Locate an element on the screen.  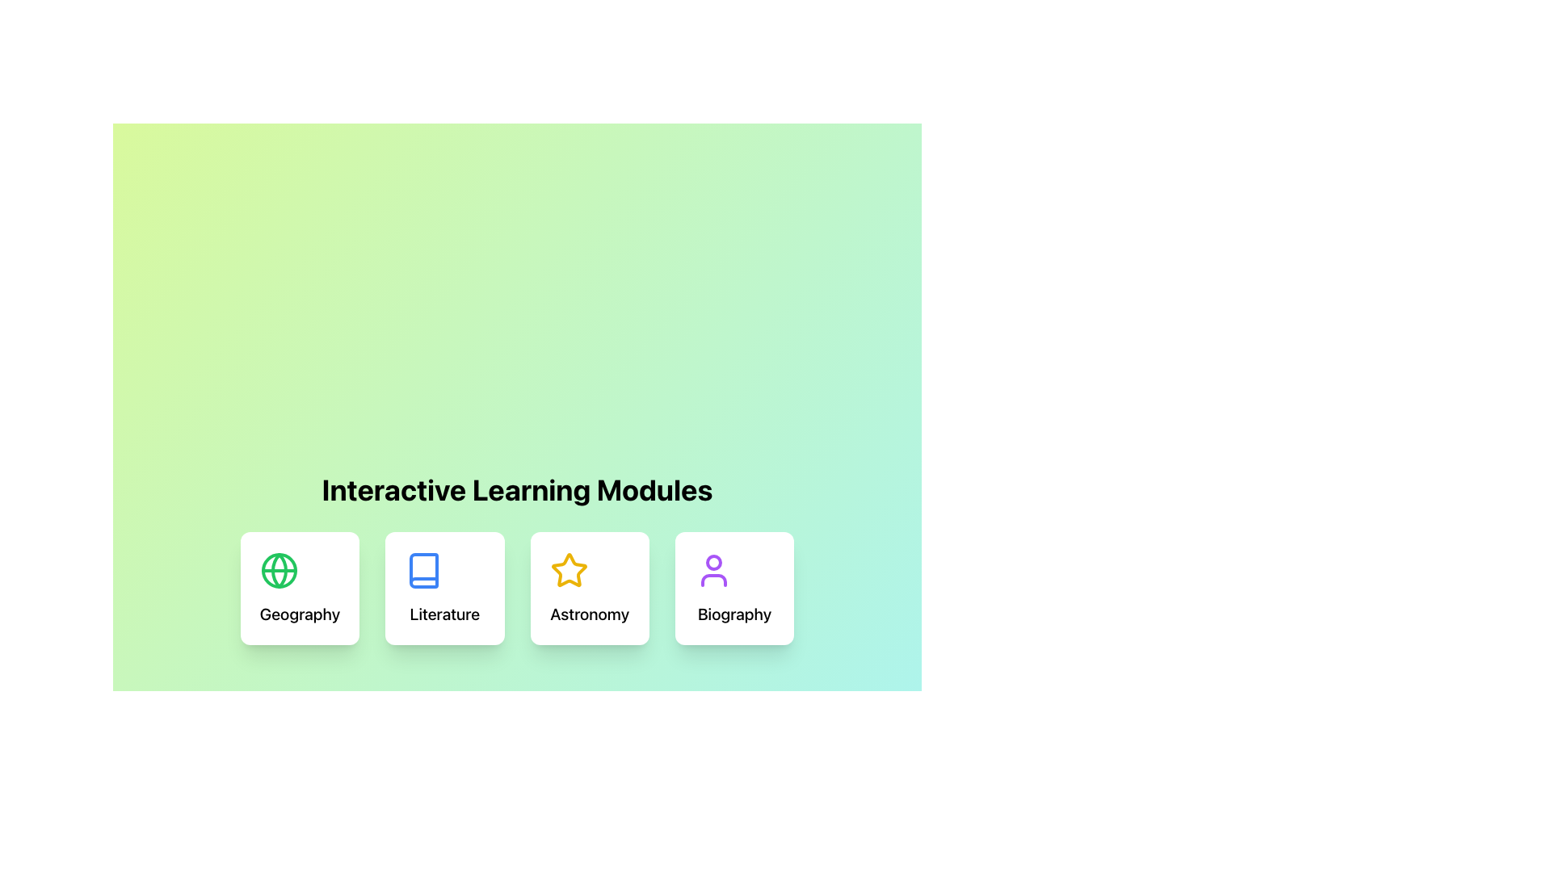
text label displaying 'Astronomy' located below the star icon in the third learning module card within the 'Interactive Learning Modules' section is located at coordinates (589, 614).